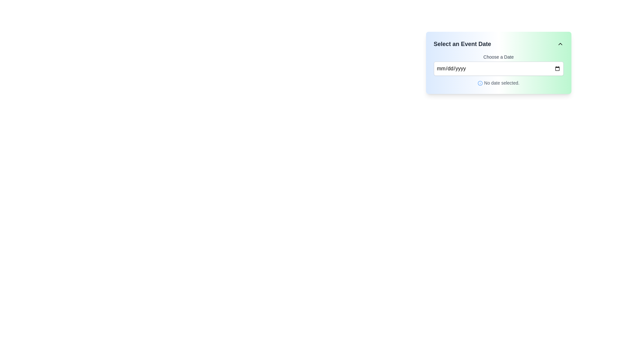 This screenshot has width=623, height=350. Describe the element at coordinates (480, 83) in the screenshot. I see `the minimalistic circular shape within the SVG graphic located at the top-right corner of the interface` at that location.